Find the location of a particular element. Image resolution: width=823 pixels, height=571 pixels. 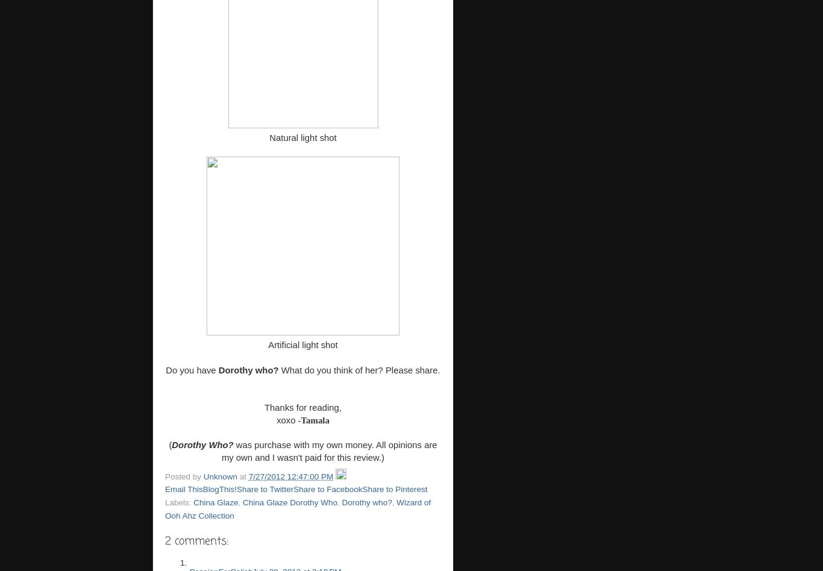

'2 comments:' is located at coordinates (196, 540).